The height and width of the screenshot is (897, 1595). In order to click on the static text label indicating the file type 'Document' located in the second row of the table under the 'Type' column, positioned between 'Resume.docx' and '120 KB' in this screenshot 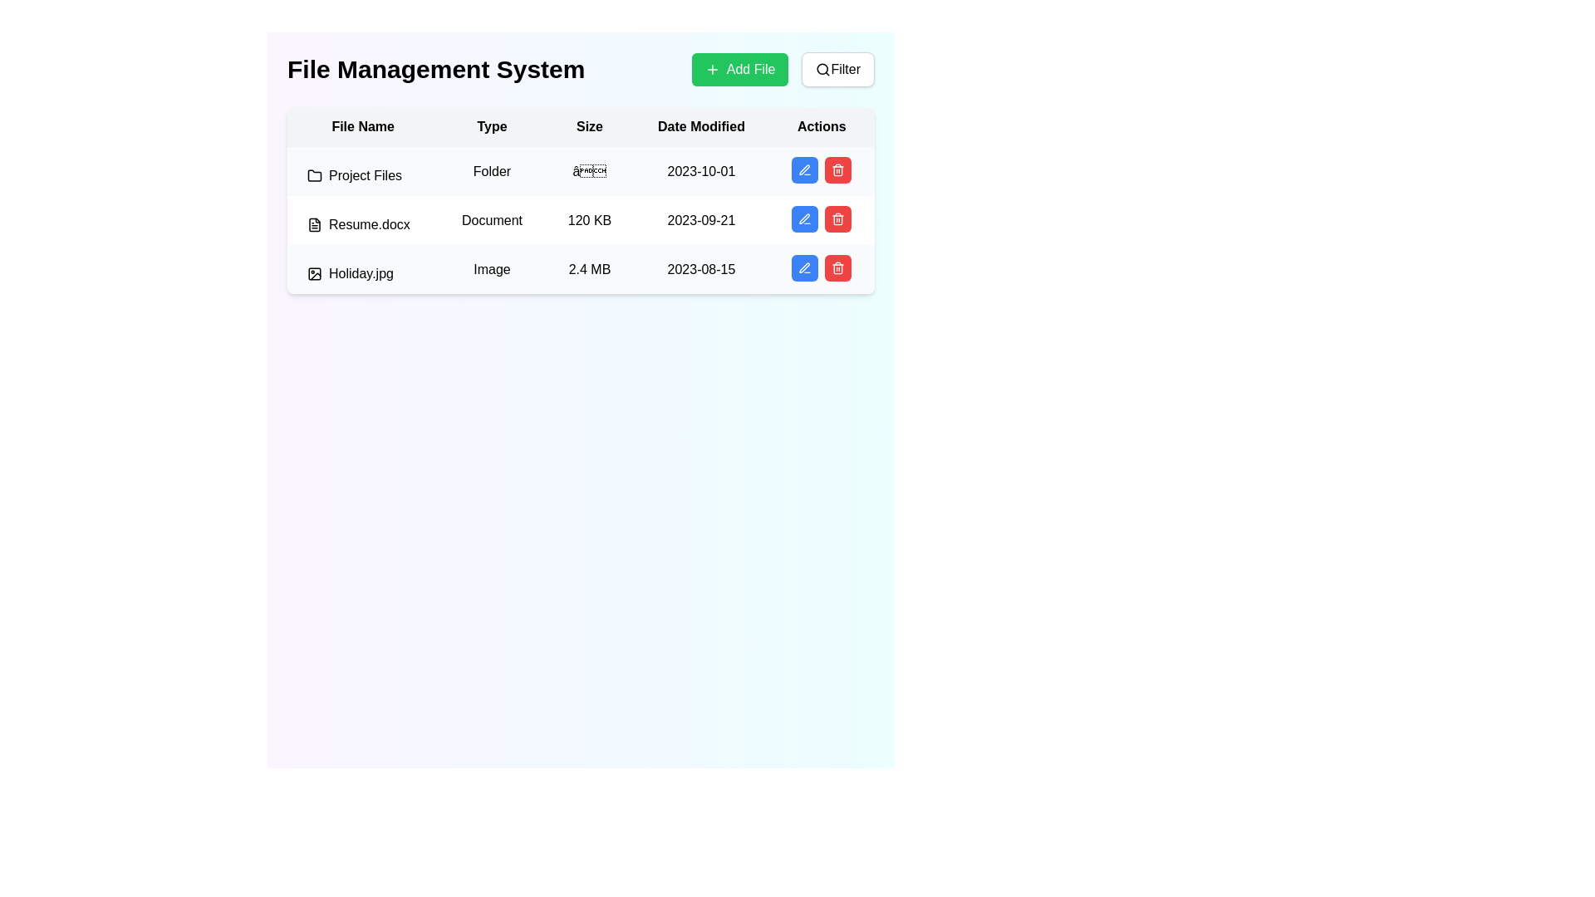, I will do `click(491, 219)`.